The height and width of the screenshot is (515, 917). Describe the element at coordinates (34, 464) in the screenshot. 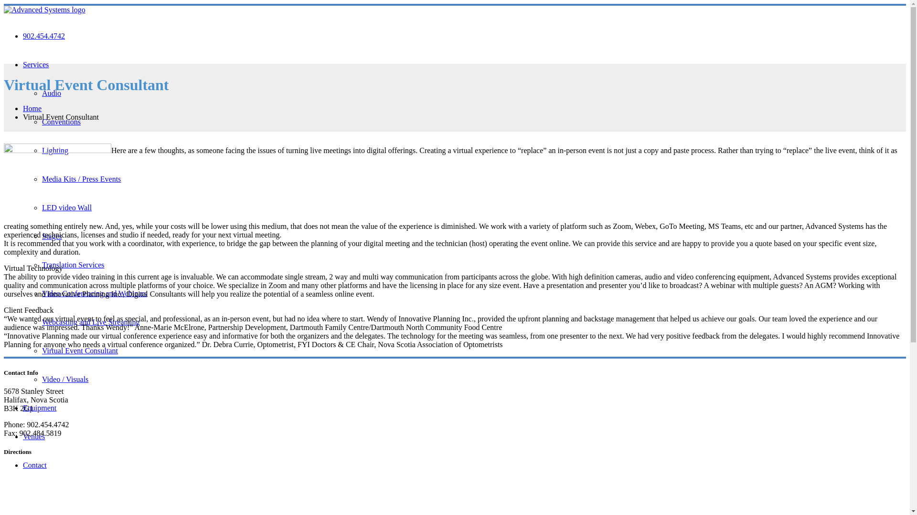

I see `'Contact'` at that location.